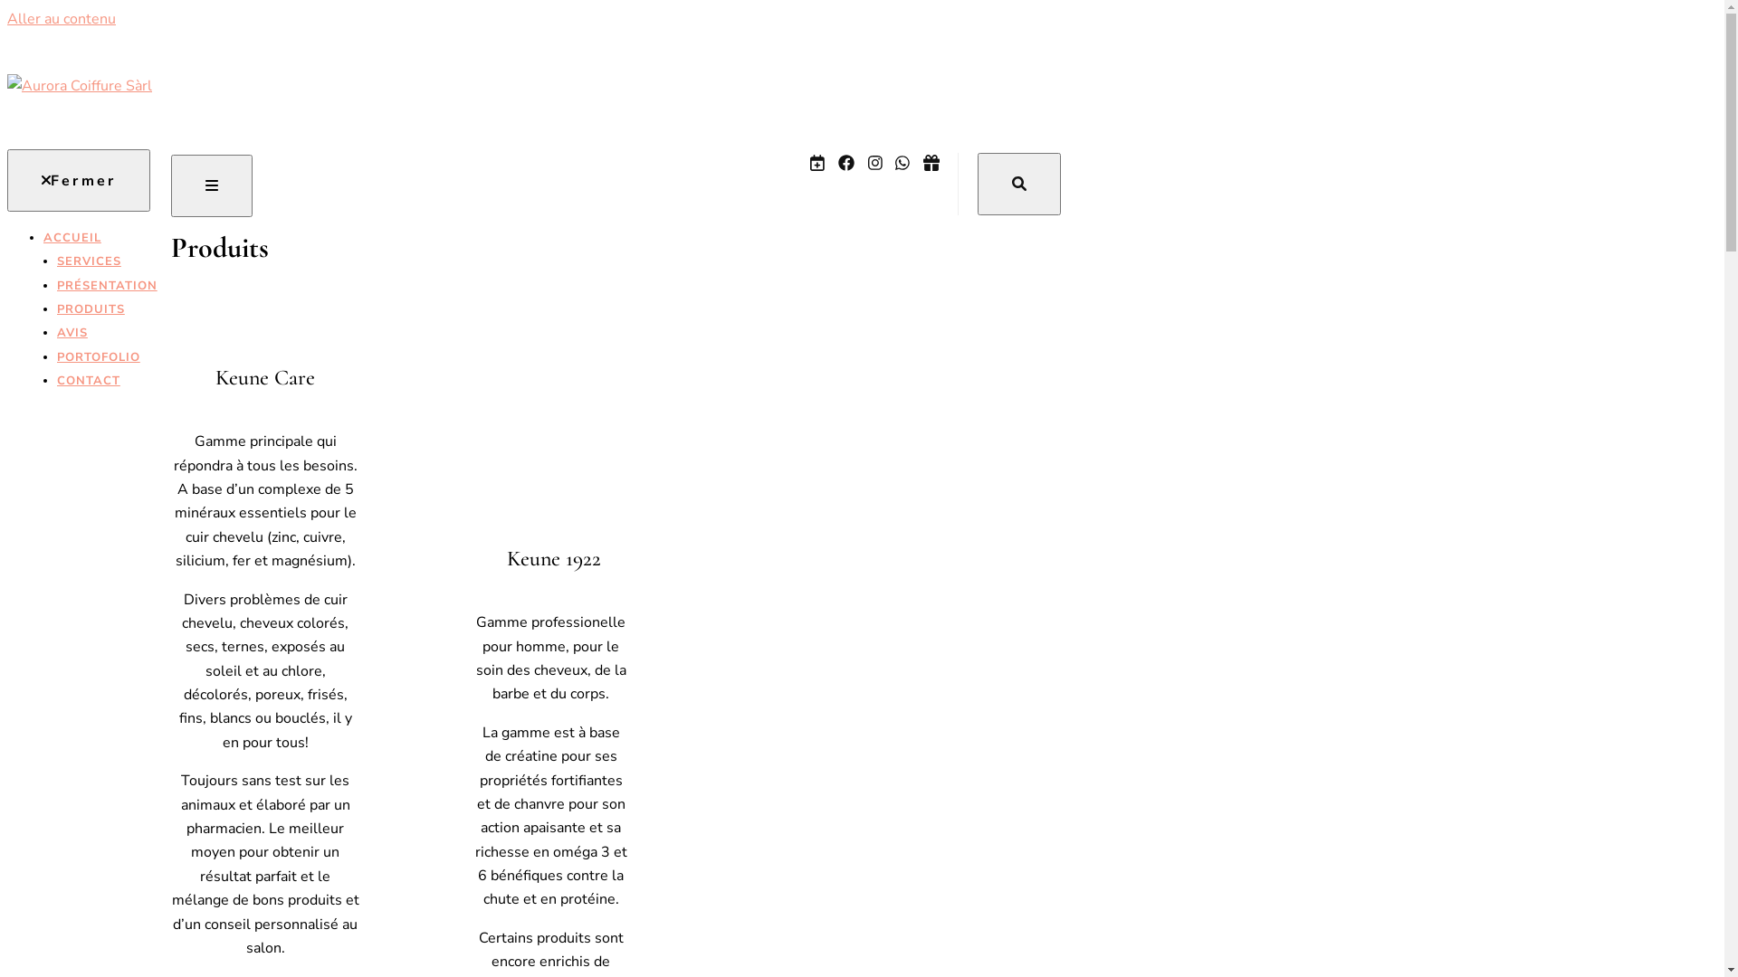 The width and height of the screenshot is (1738, 977). What do you see at coordinates (106, 379) in the screenshot?
I see `'CONTACT'` at bounding box center [106, 379].